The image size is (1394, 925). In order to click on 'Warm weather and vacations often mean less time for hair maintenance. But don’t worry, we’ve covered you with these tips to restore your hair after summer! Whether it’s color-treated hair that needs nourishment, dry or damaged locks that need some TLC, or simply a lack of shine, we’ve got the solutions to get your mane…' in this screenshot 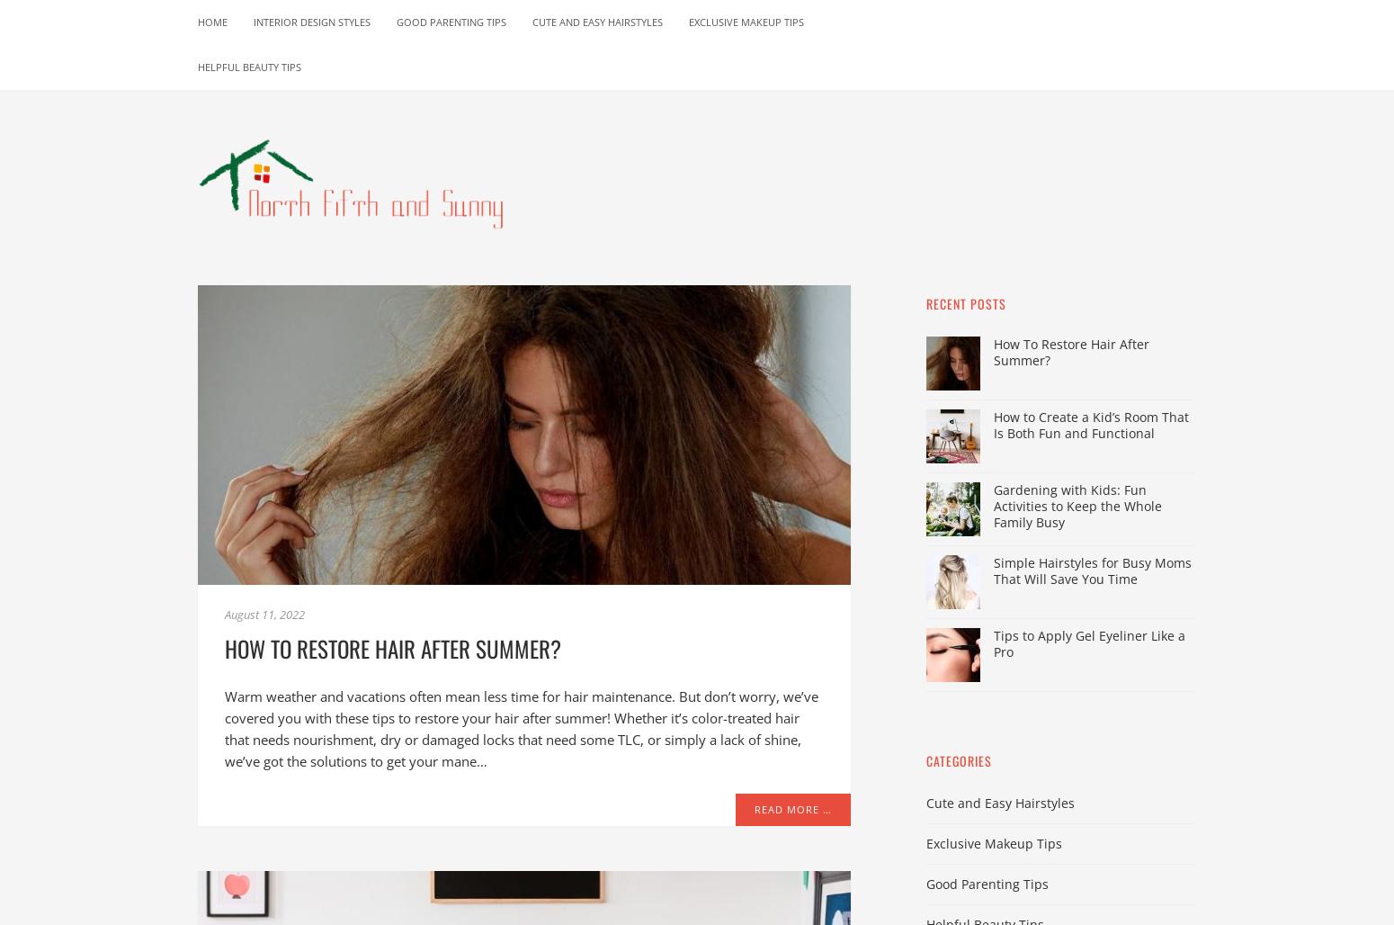, I will do `click(522, 728)`.